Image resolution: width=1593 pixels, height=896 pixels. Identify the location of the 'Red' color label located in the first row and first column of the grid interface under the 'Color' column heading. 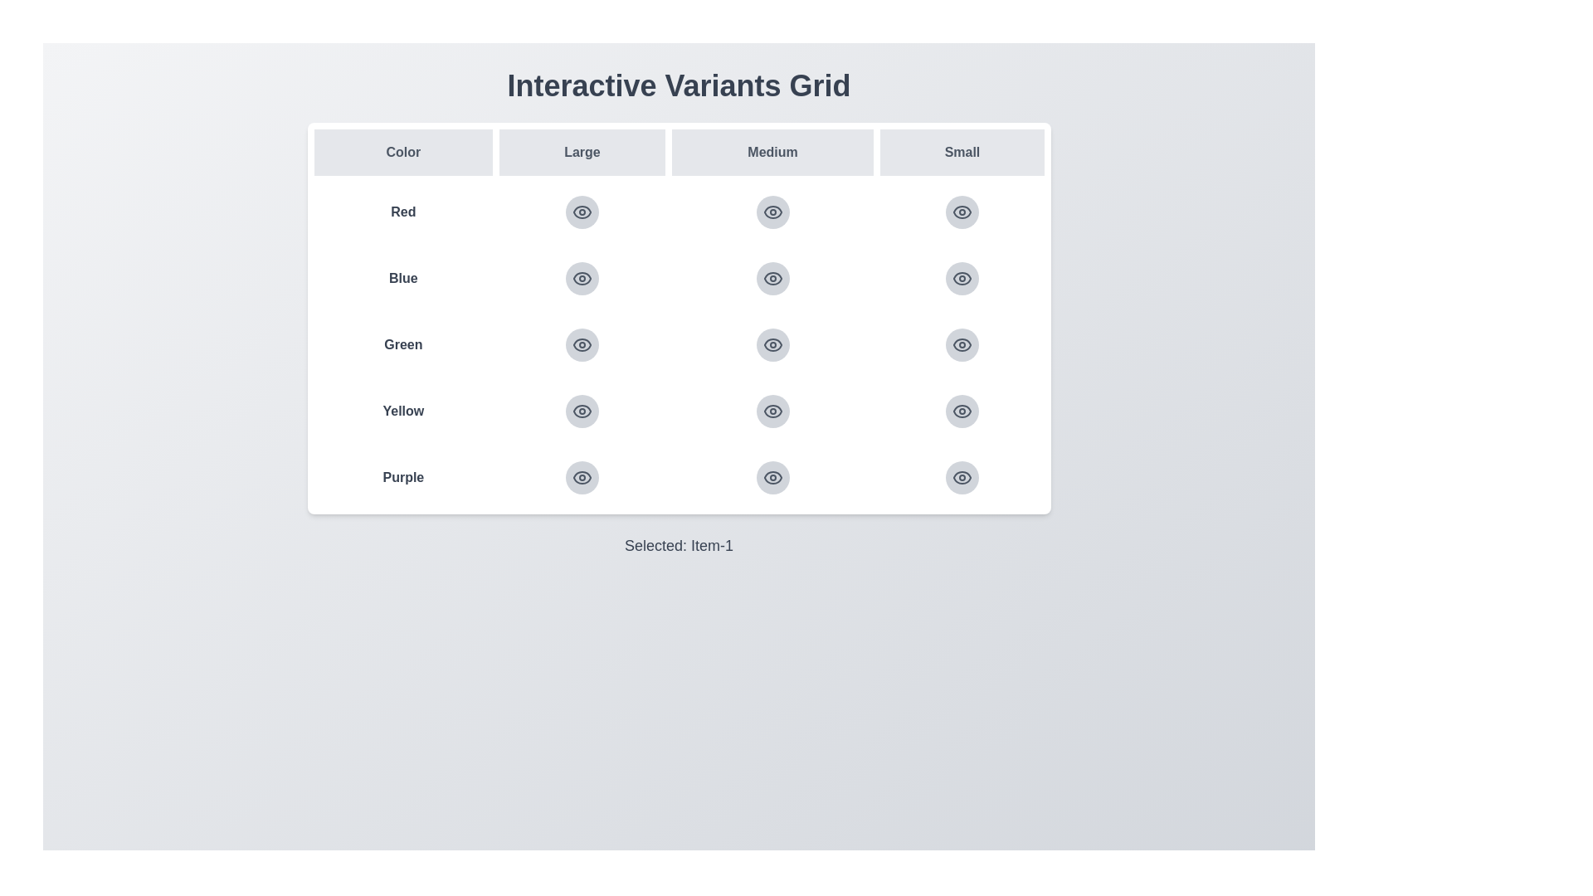
(403, 211).